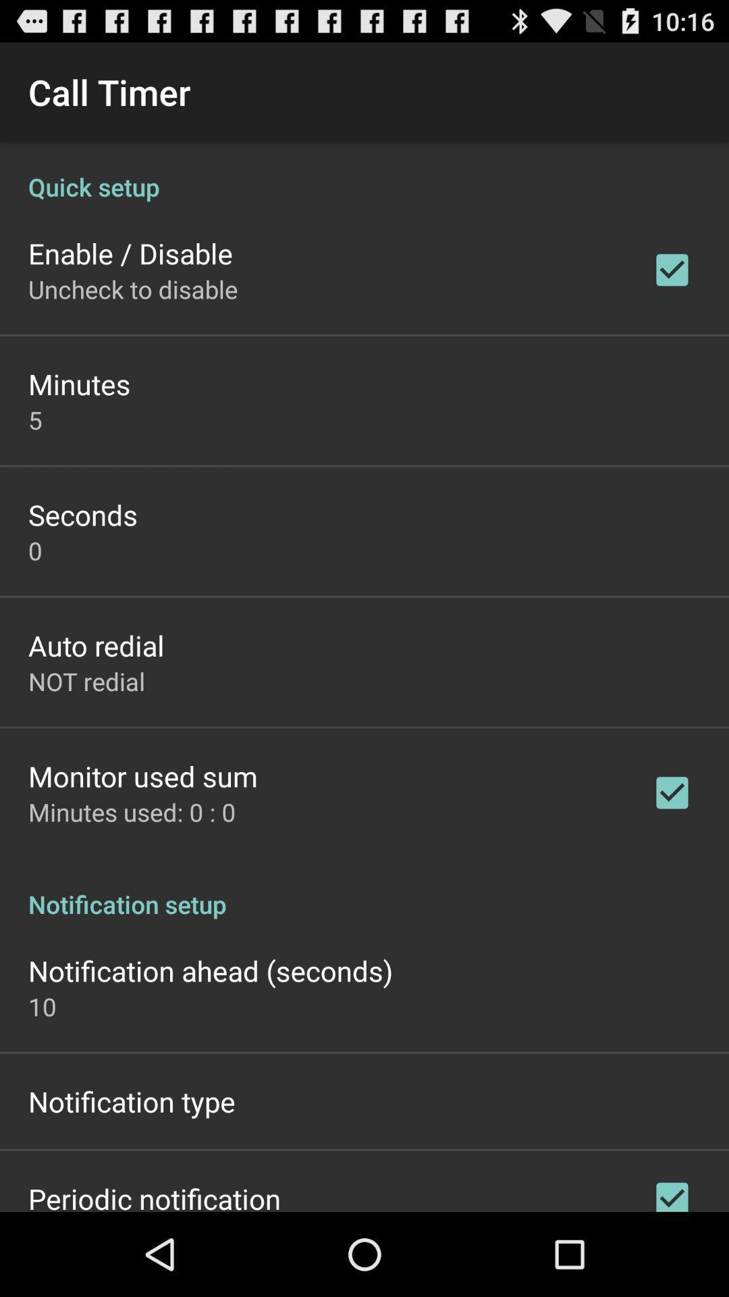  I want to click on the 5, so click(34, 419).